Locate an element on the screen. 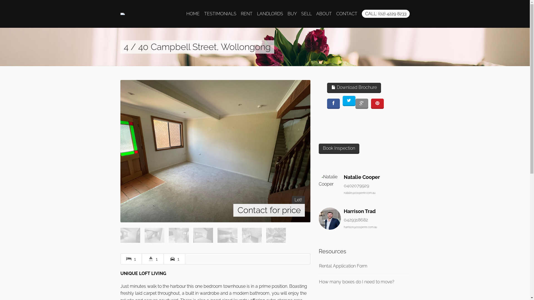 This screenshot has height=300, width=534. '0402079929' is located at coordinates (356, 186).